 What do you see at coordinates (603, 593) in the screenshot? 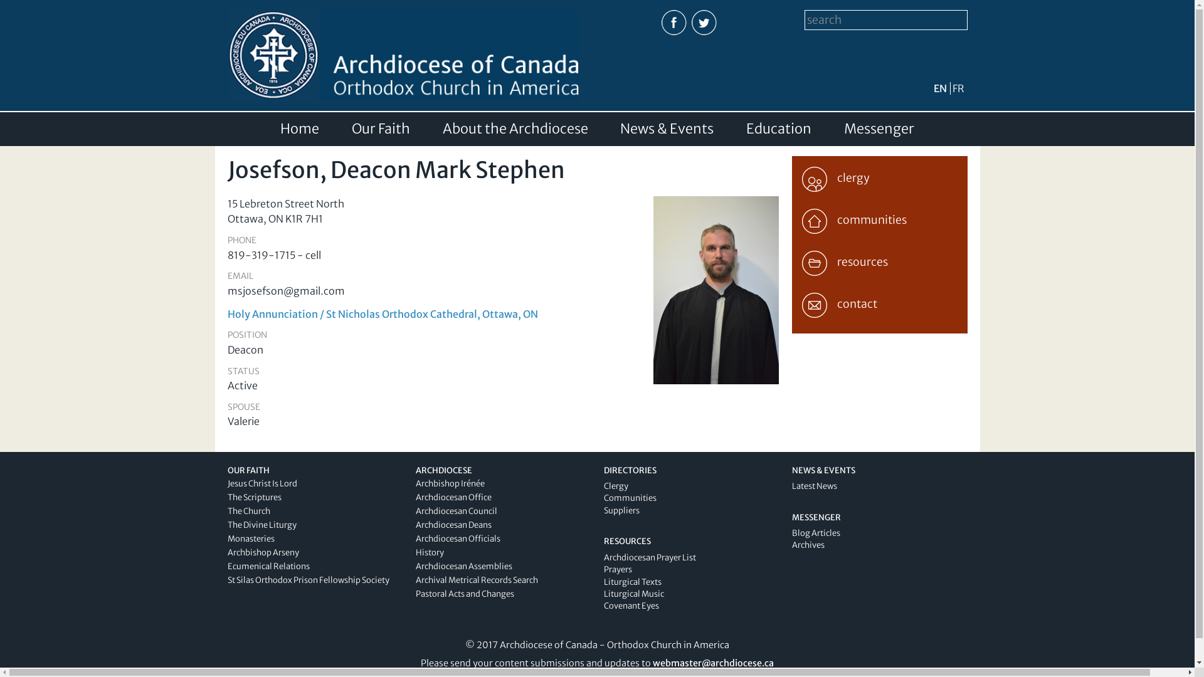
I see `'Liturgical Music'` at bounding box center [603, 593].